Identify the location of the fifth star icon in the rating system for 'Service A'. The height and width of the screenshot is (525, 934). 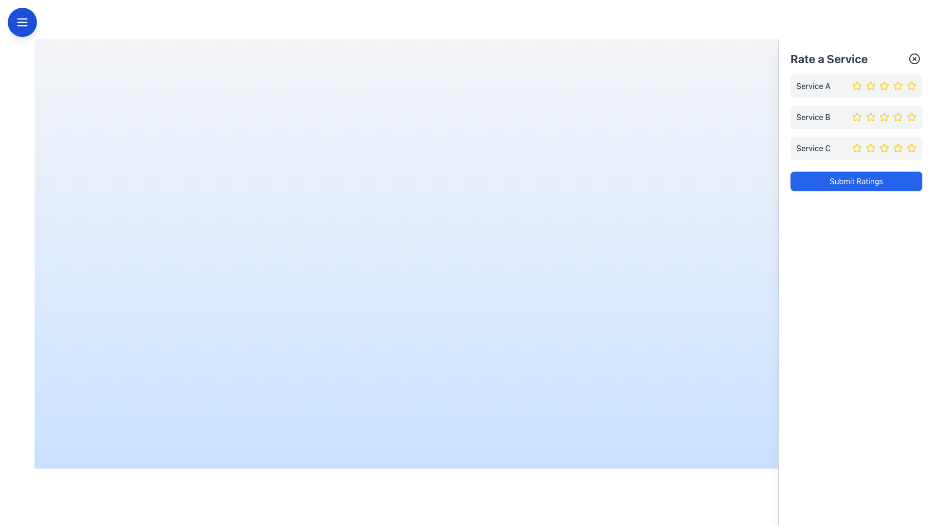
(911, 86).